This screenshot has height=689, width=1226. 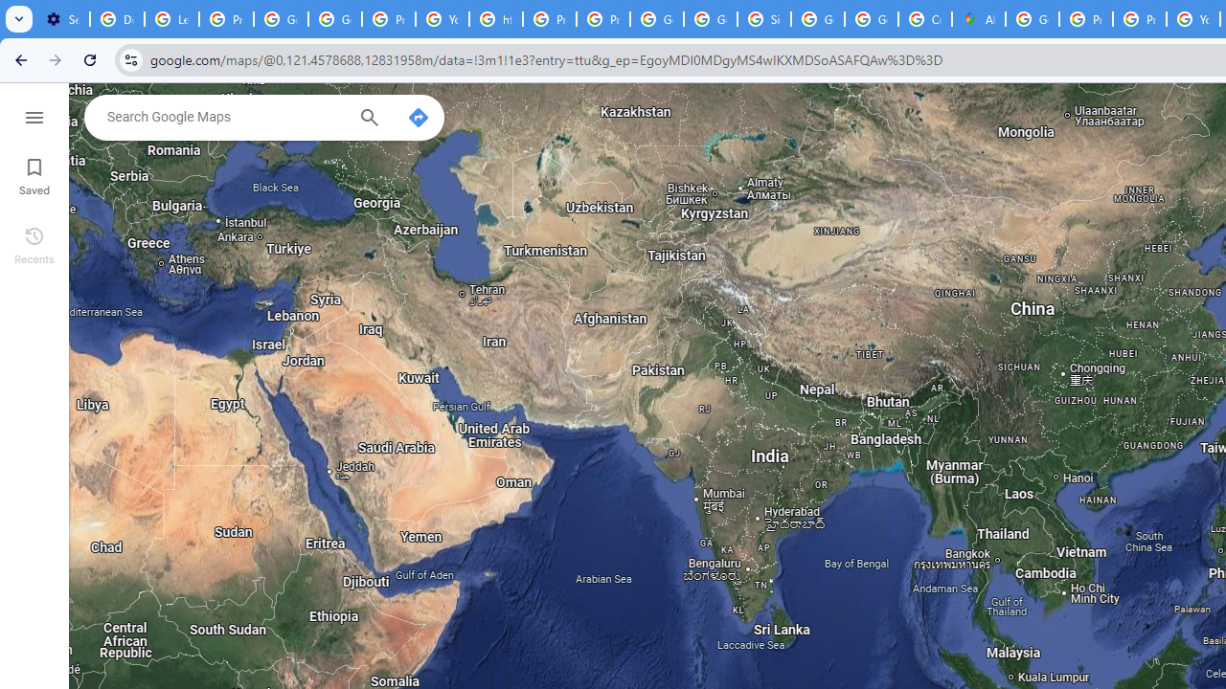 What do you see at coordinates (34, 174) in the screenshot?
I see `'Saved'` at bounding box center [34, 174].